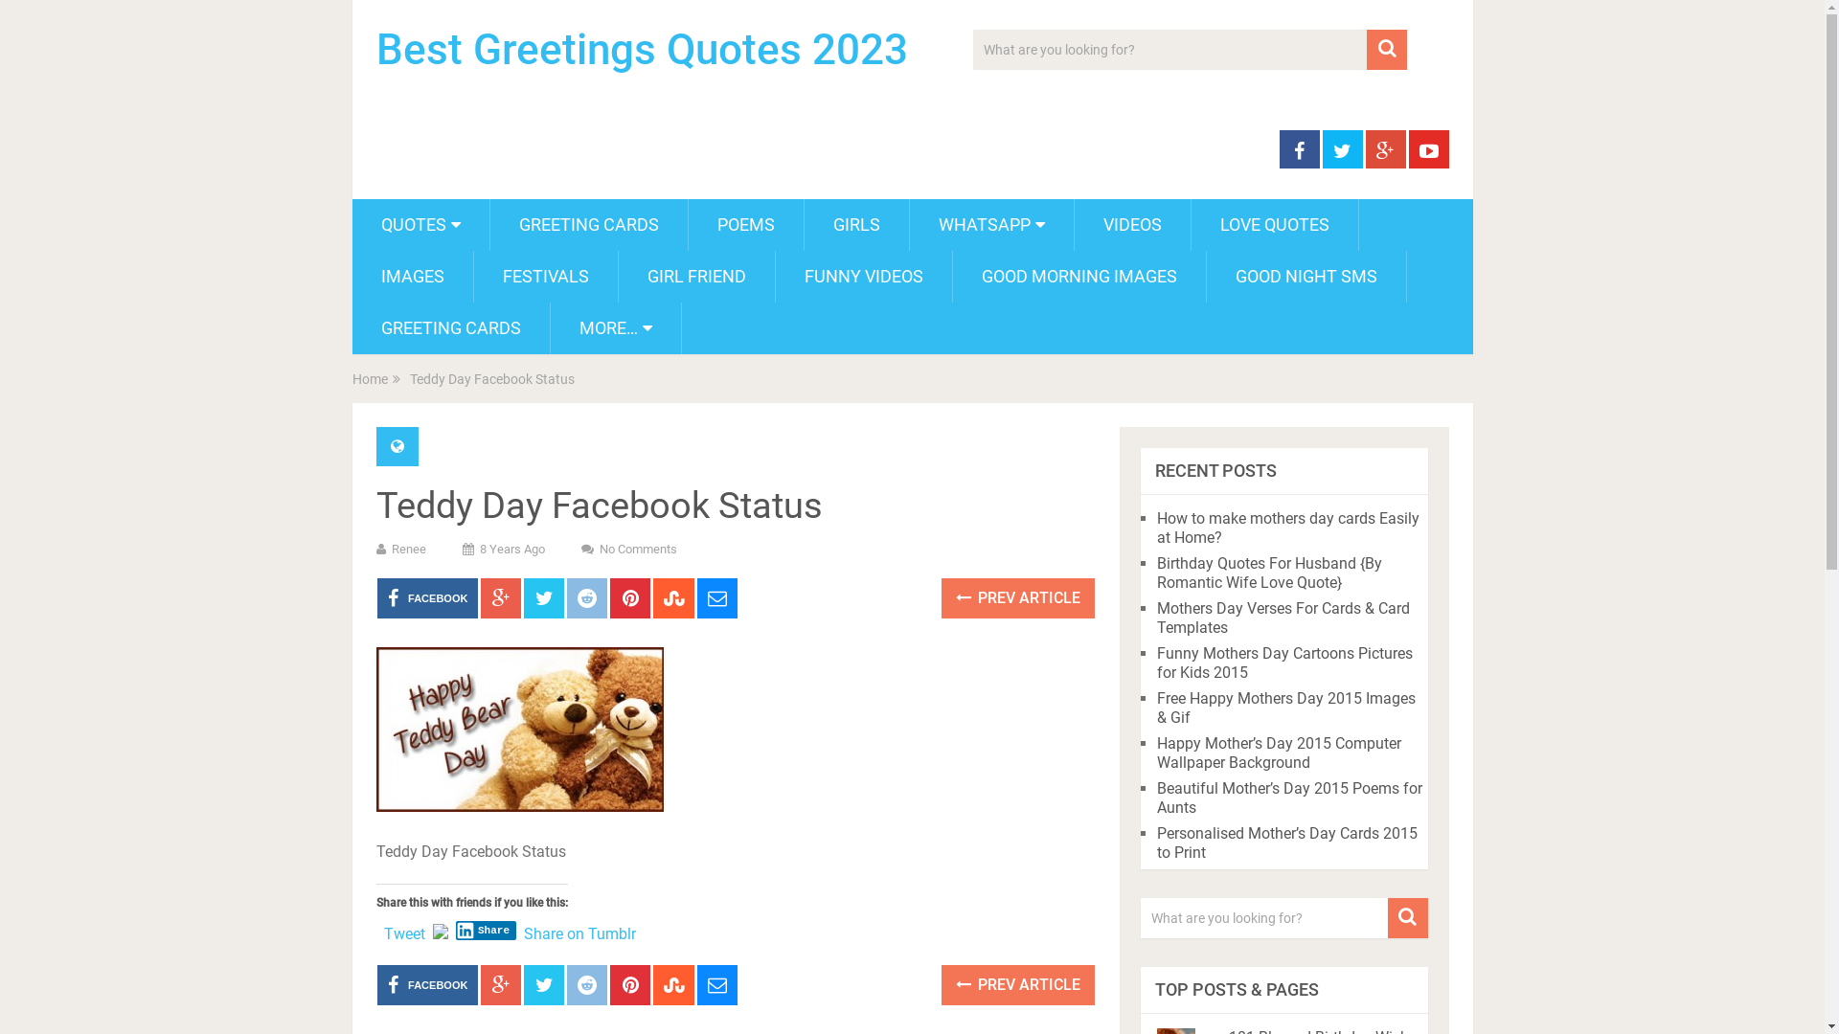  Describe the element at coordinates (1305, 277) in the screenshot. I see `'GOOD NIGHT SMS'` at that location.